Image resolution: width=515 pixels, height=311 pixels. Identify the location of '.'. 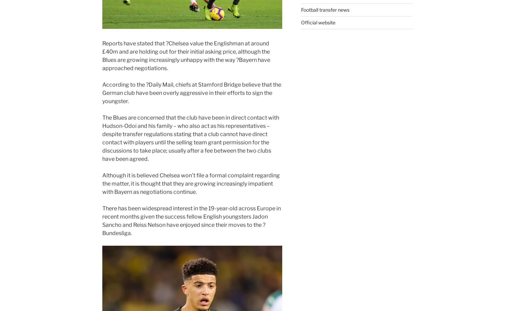
(131, 233).